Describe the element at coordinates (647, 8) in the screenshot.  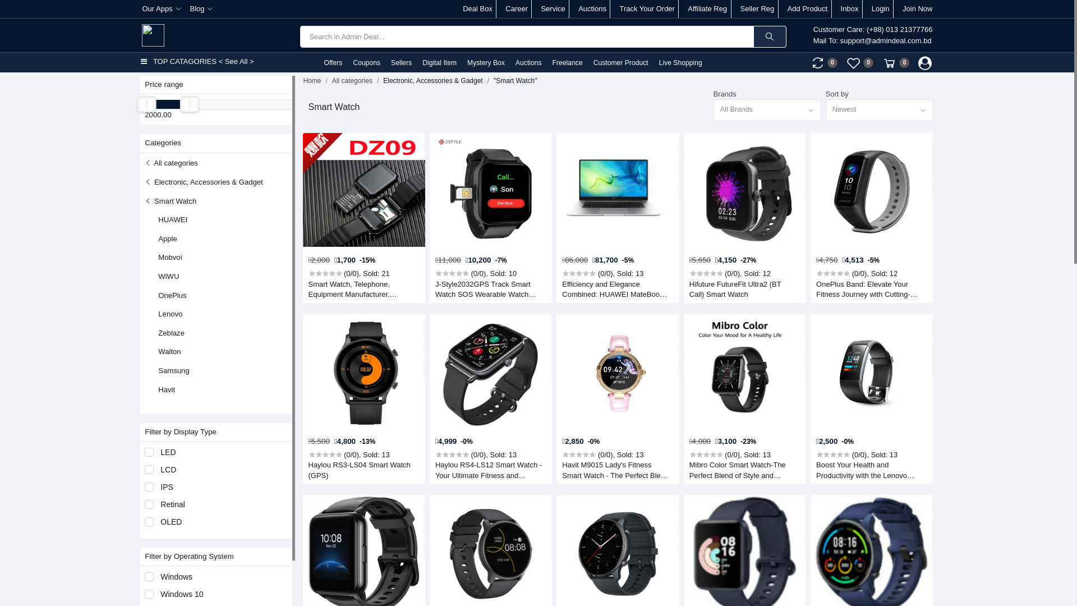
I see `'Track Your Order'` at that location.